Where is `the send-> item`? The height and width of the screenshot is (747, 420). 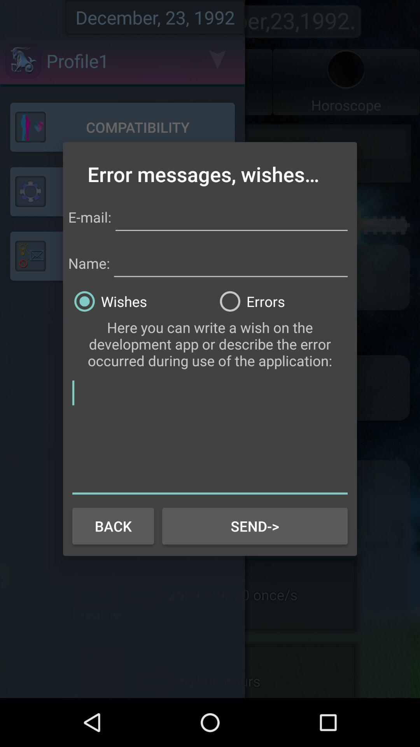
the send-> item is located at coordinates (255, 526).